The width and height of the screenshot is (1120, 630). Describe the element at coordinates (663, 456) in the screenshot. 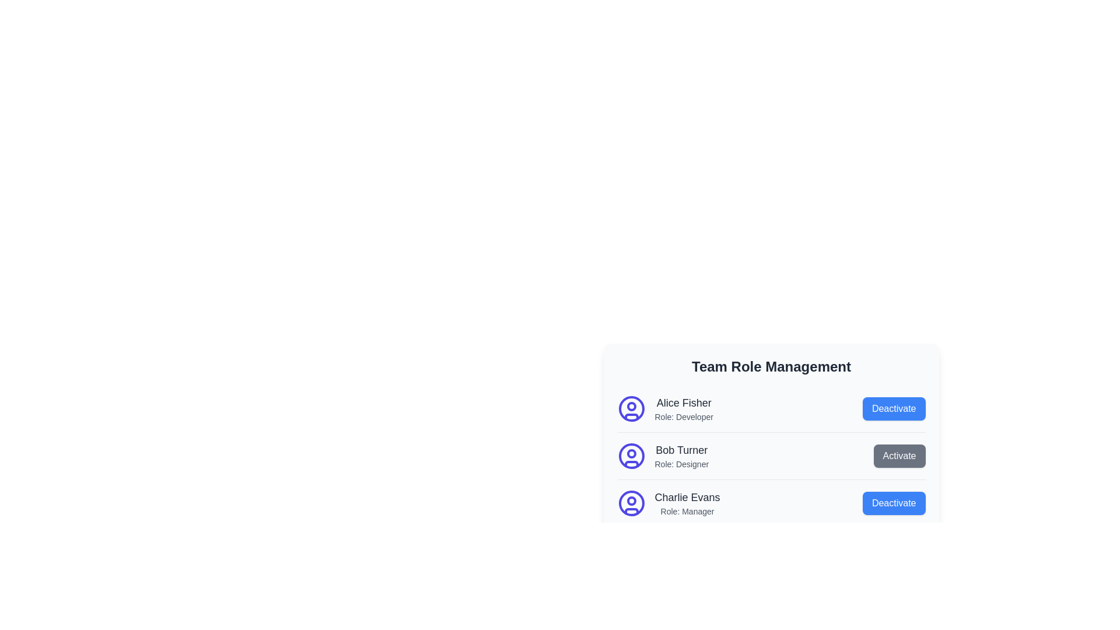

I see `the Informational Display Item that shows details about a team member, positioned between 'Alice Fisher' and 'Charlie Evans' in the 'Team Role Management' section` at that location.